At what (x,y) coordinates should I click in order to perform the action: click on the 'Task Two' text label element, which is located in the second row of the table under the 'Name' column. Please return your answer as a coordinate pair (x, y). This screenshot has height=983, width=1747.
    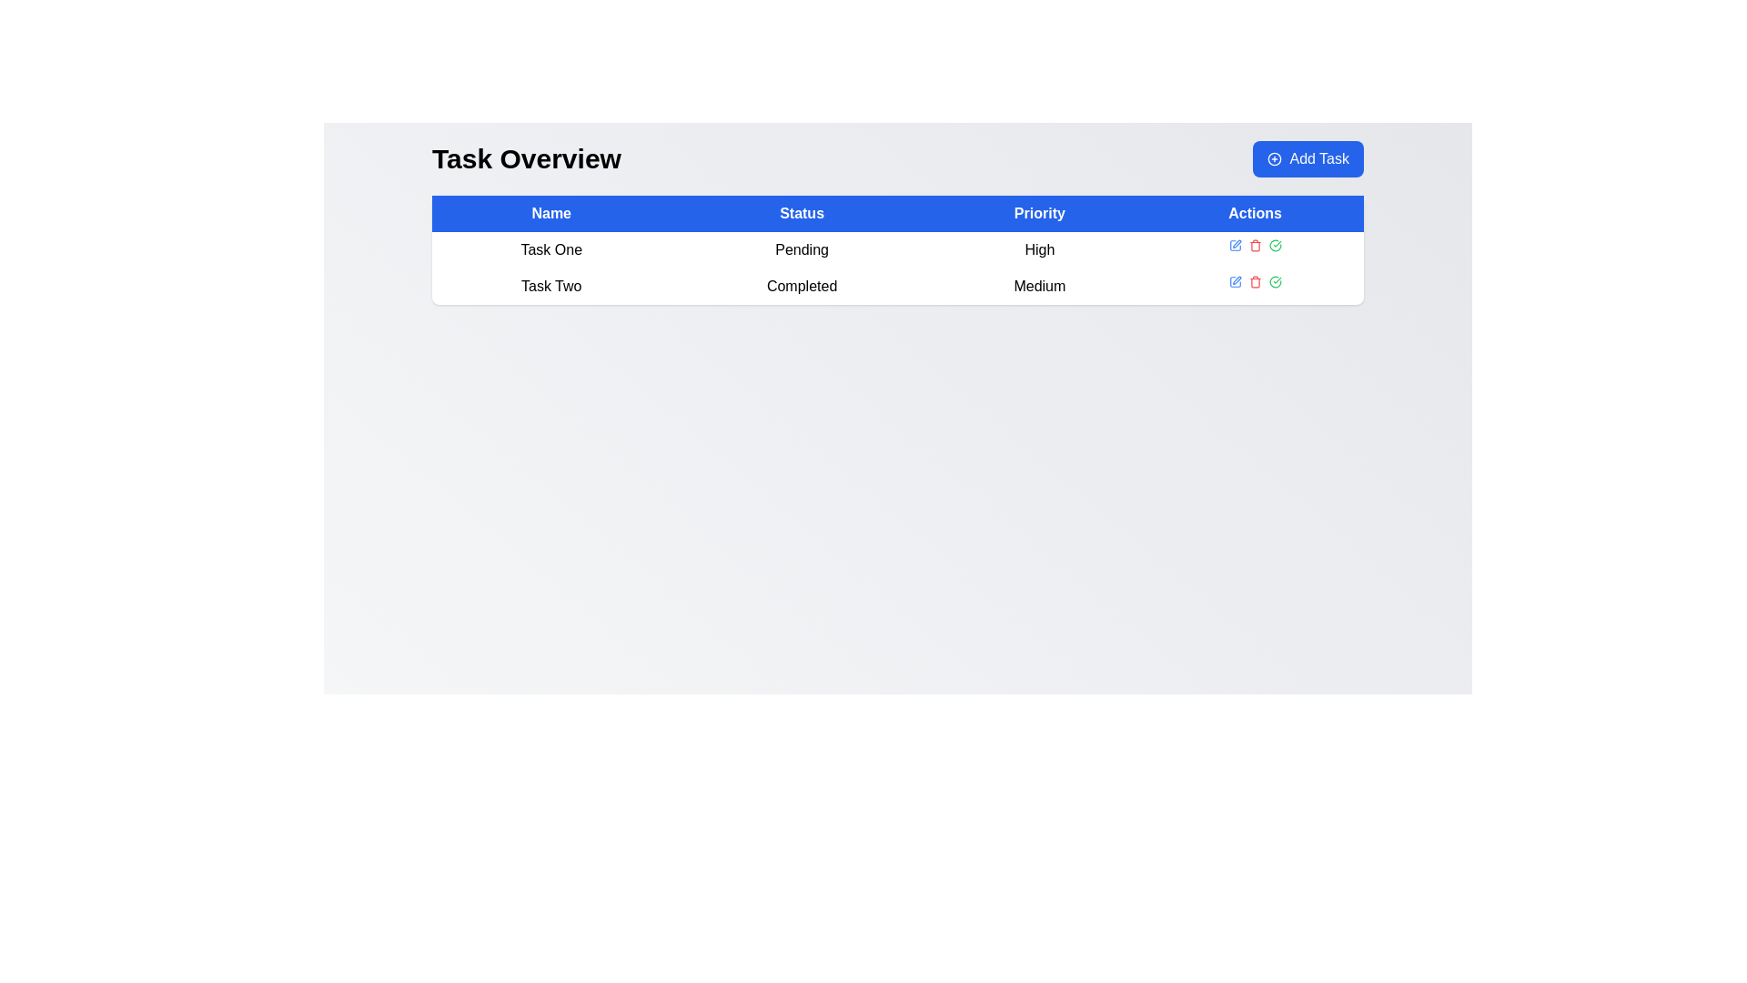
    Looking at the image, I should click on (550, 287).